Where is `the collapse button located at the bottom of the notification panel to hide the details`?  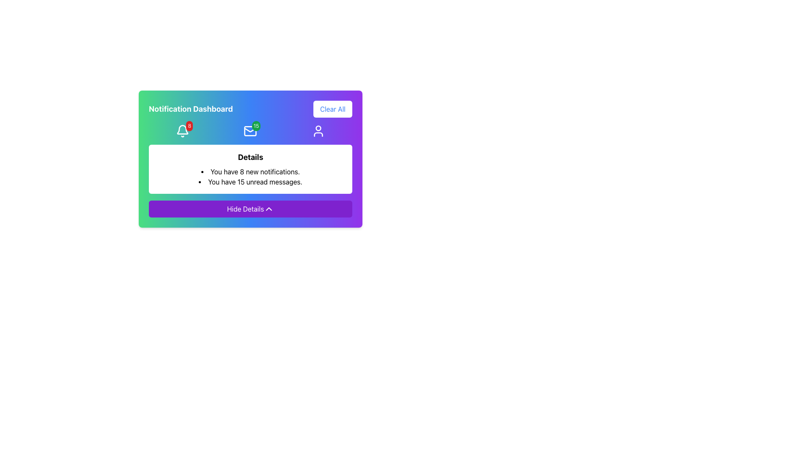 the collapse button located at the bottom of the notification panel to hide the details is located at coordinates (250, 187).